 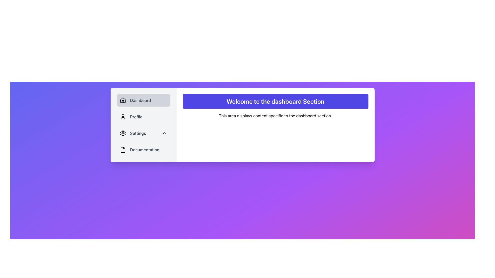 What do you see at coordinates (122, 117) in the screenshot?
I see `the user profile SVG icon located in the vertical navigation menu, which is positioned to the left of the text 'Profile'` at bounding box center [122, 117].